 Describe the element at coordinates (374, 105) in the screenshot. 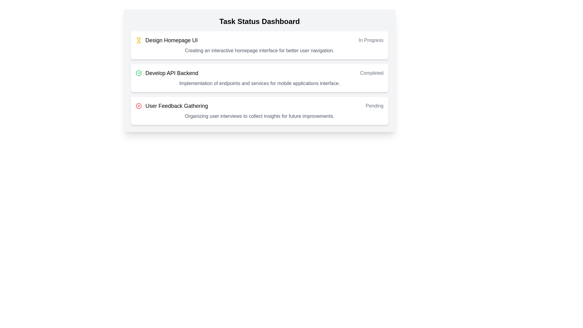

I see `the text label displaying 'Pending' in gray font located in the top right corner of the 'User Feedback Gathering' section` at that location.